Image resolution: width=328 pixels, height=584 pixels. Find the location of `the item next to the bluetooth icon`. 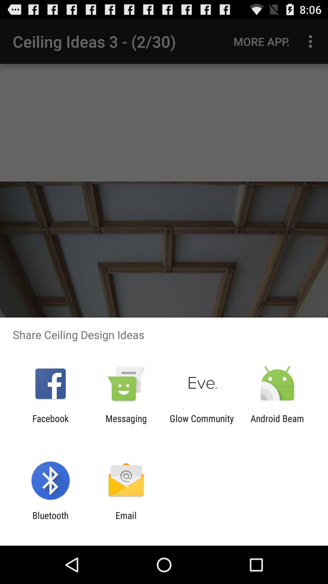

the item next to the bluetooth icon is located at coordinates (126, 520).